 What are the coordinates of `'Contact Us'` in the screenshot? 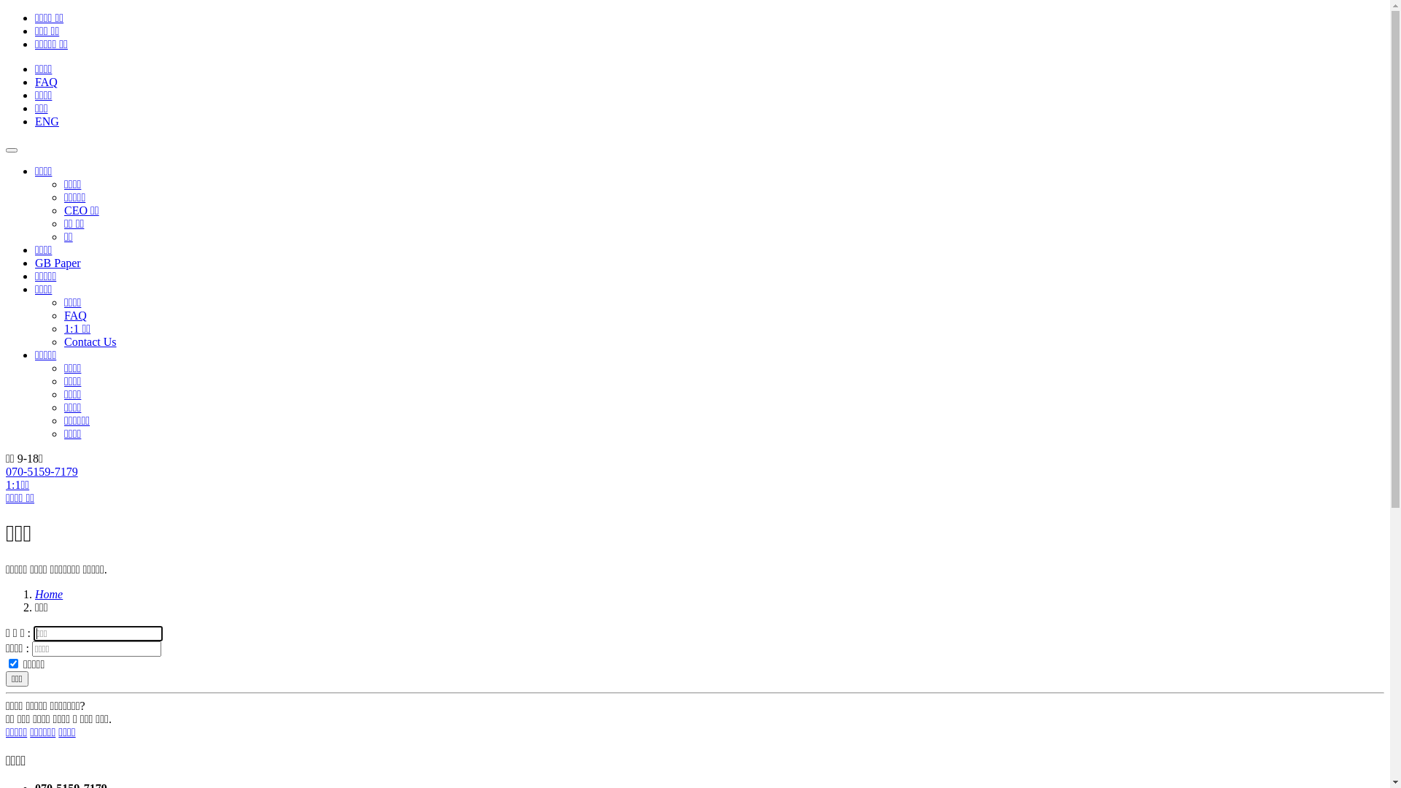 It's located at (63, 341).